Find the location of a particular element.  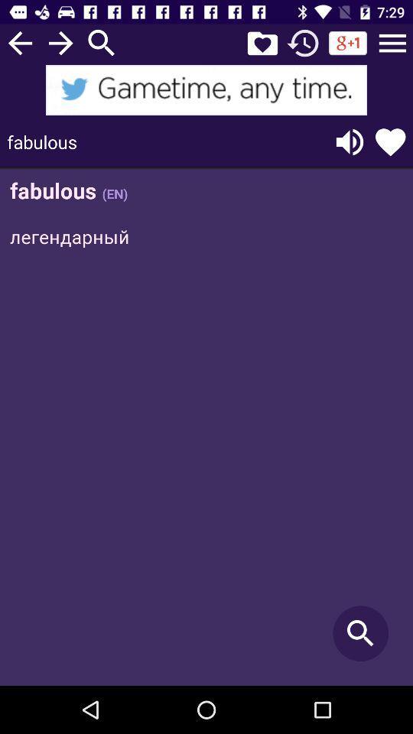

the search icon is located at coordinates (102, 42).